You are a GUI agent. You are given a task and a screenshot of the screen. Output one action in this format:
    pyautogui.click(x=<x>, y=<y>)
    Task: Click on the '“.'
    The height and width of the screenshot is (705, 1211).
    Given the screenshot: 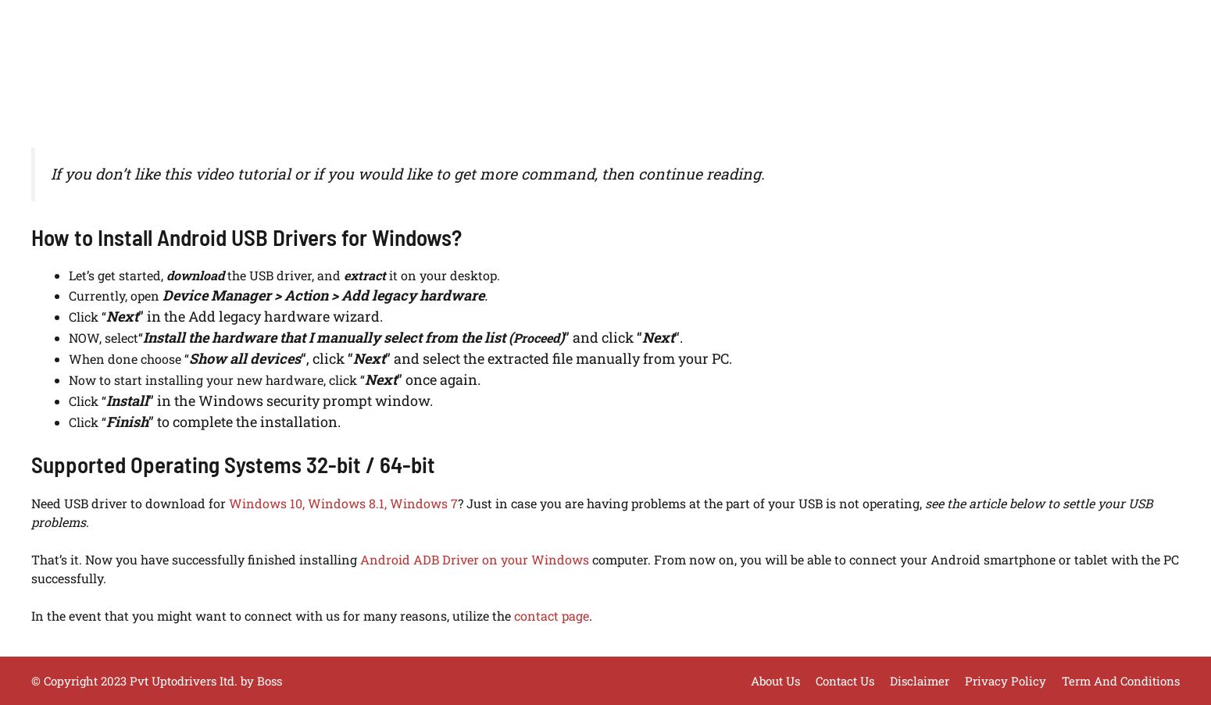 What is the action you would take?
    pyautogui.click(x=674, y=336)
    